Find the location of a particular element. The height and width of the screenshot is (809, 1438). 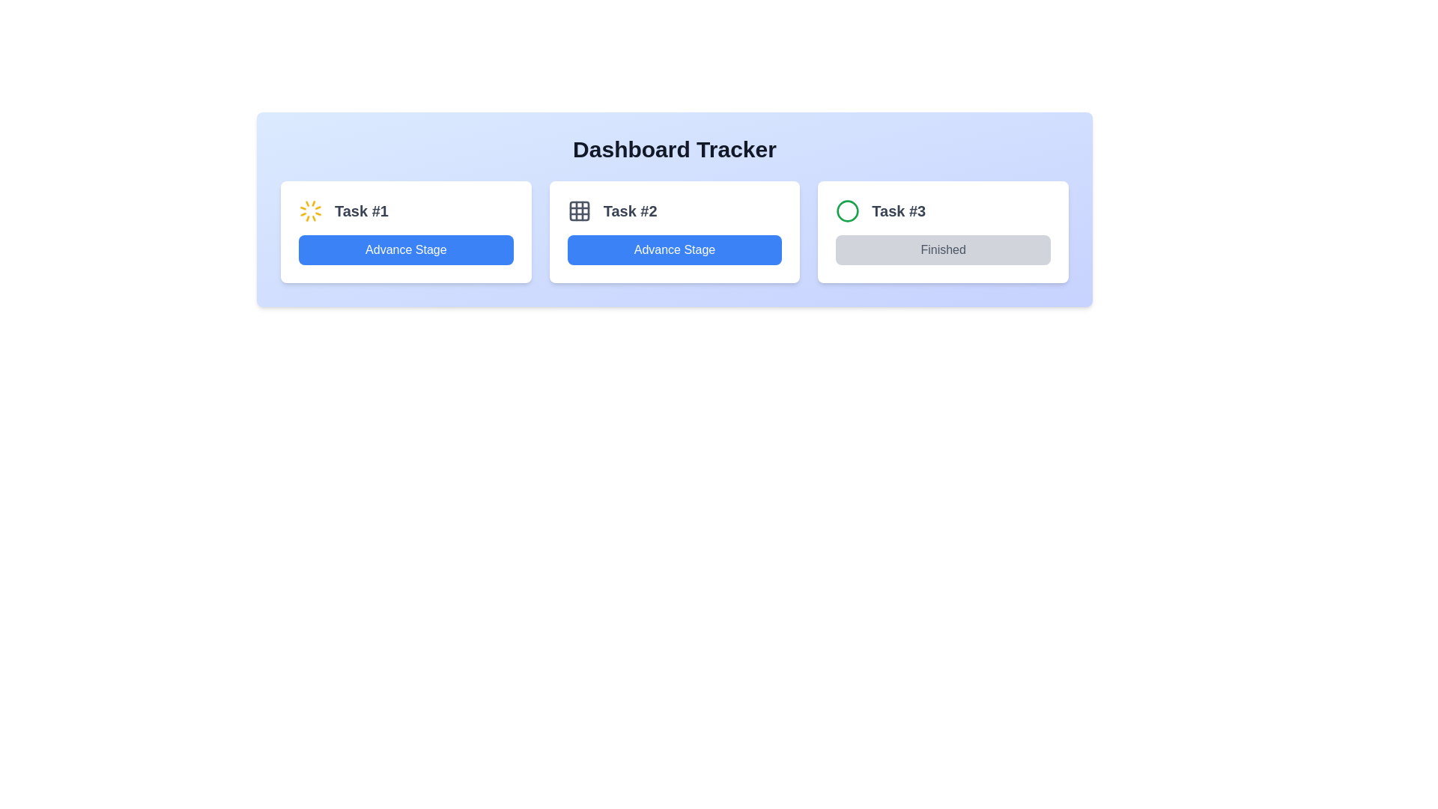

the circular icon with a green border located to the left of the text 'Task #3' is located at coordinates (848, 210).